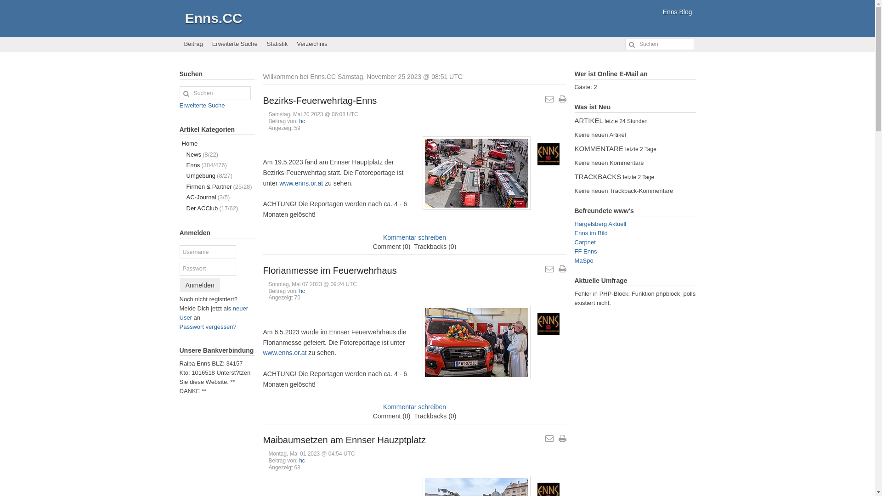  Describe the element at coordinates (414, 237) in the screenshot. I see `'Kommentar schreiben'` at that location.